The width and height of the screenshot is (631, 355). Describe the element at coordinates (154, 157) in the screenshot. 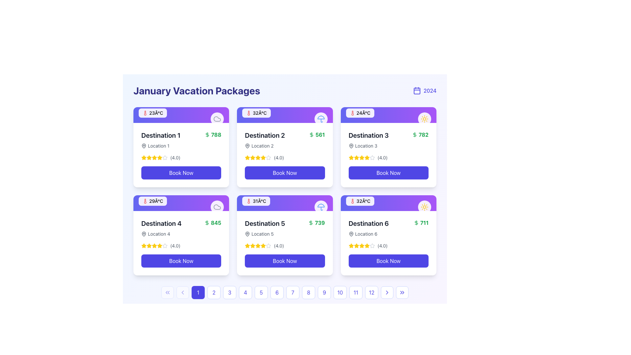

I see `the third yellow star in the ratings group located in the second card of the first row of vacation package cards` at that location.